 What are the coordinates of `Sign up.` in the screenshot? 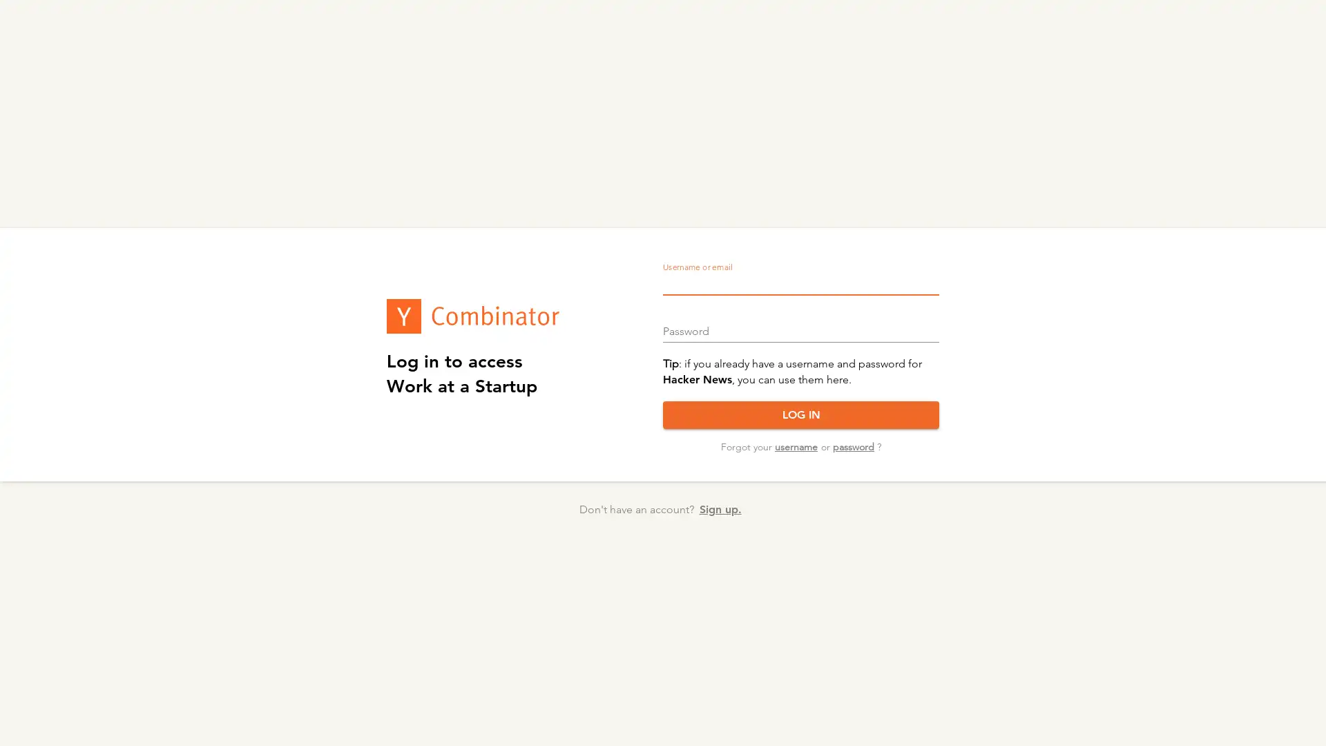 It's located at (719, 509).